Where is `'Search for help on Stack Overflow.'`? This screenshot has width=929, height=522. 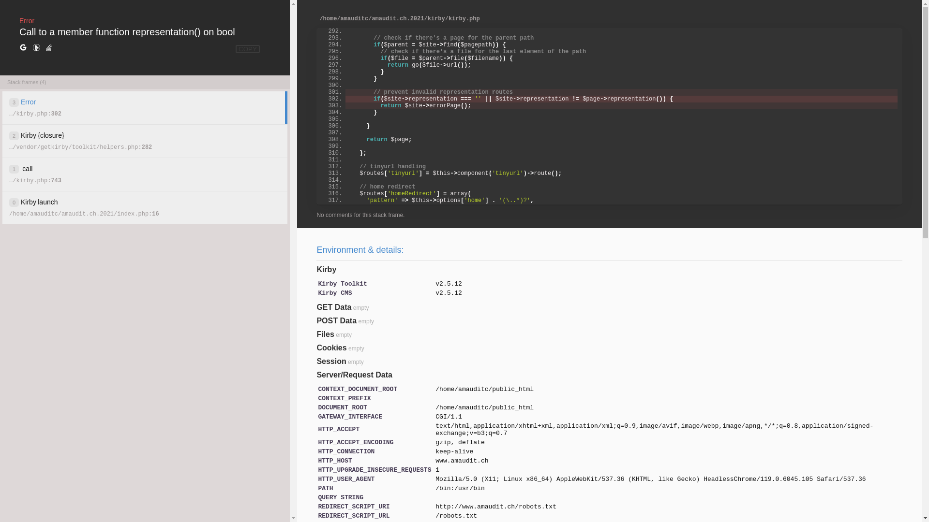 'Search for help on Stack Overflow.' is located at coordinates (48, 48).